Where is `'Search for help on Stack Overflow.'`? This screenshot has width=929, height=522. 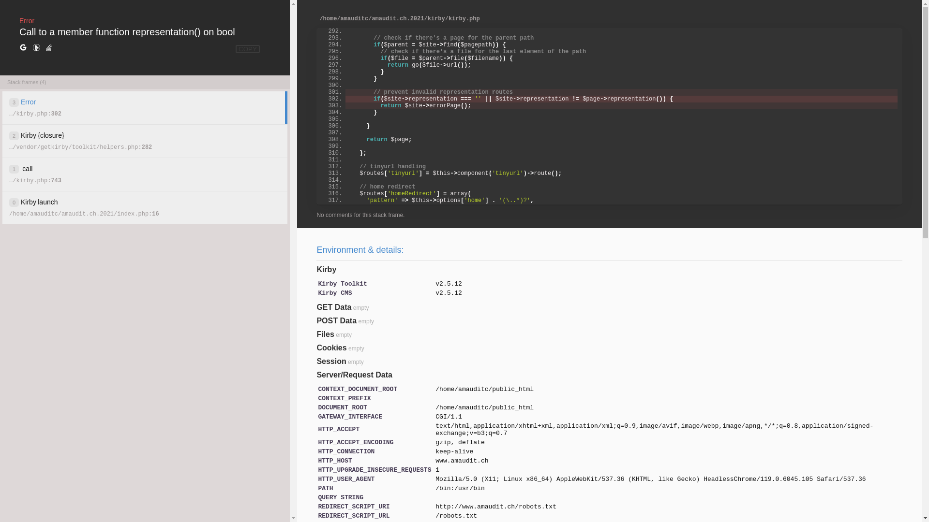 'Search for help on Stack Overflow.' is located at coordinates (48, 48).